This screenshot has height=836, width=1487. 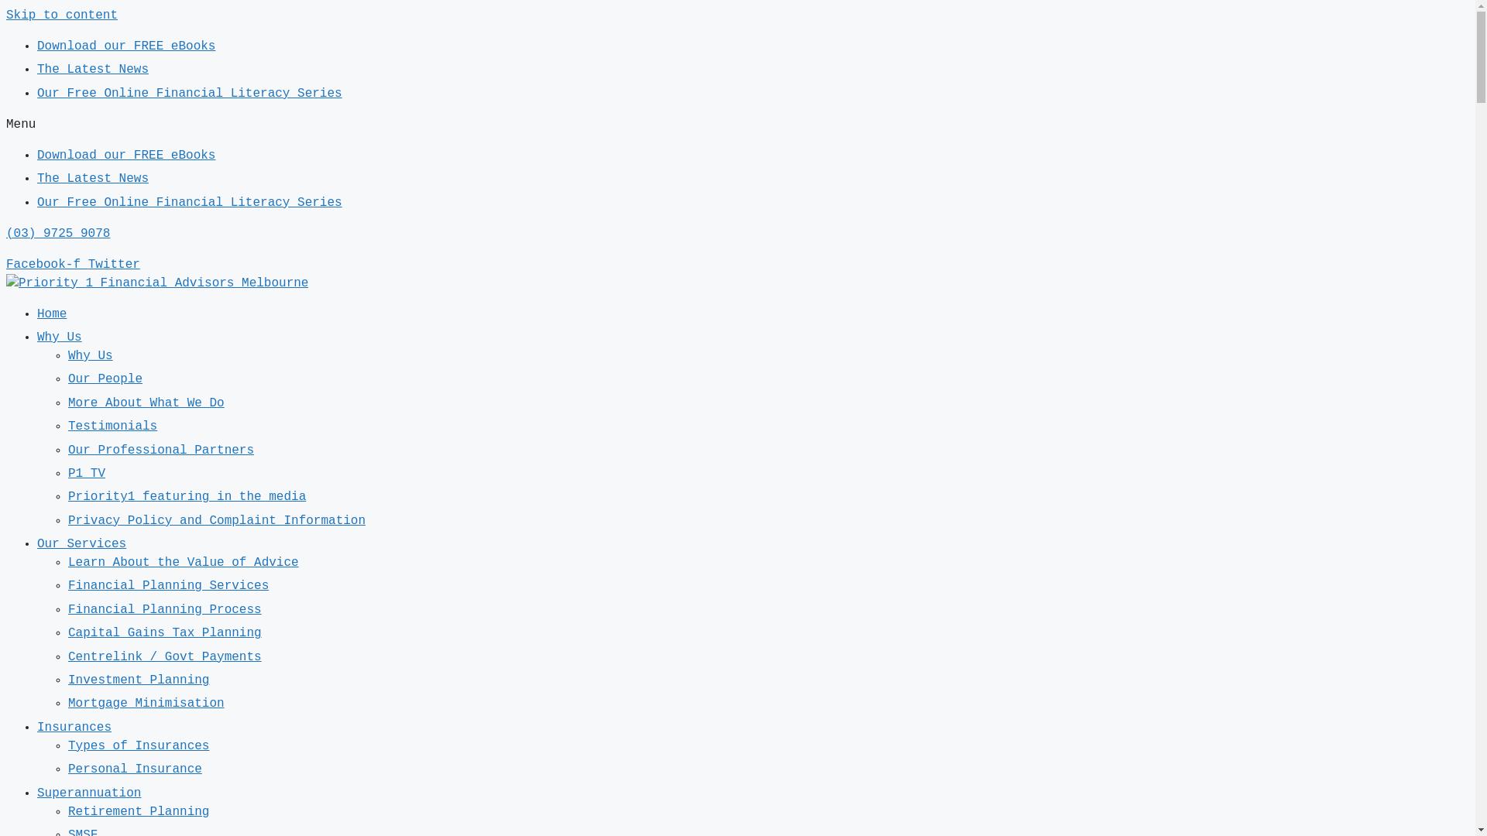 I want to click on 'Capital Gains Tax Planning', so click(x=67, y=632).